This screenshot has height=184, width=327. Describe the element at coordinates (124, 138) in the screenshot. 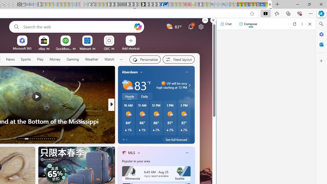

I see `'76 Like'` at that location.